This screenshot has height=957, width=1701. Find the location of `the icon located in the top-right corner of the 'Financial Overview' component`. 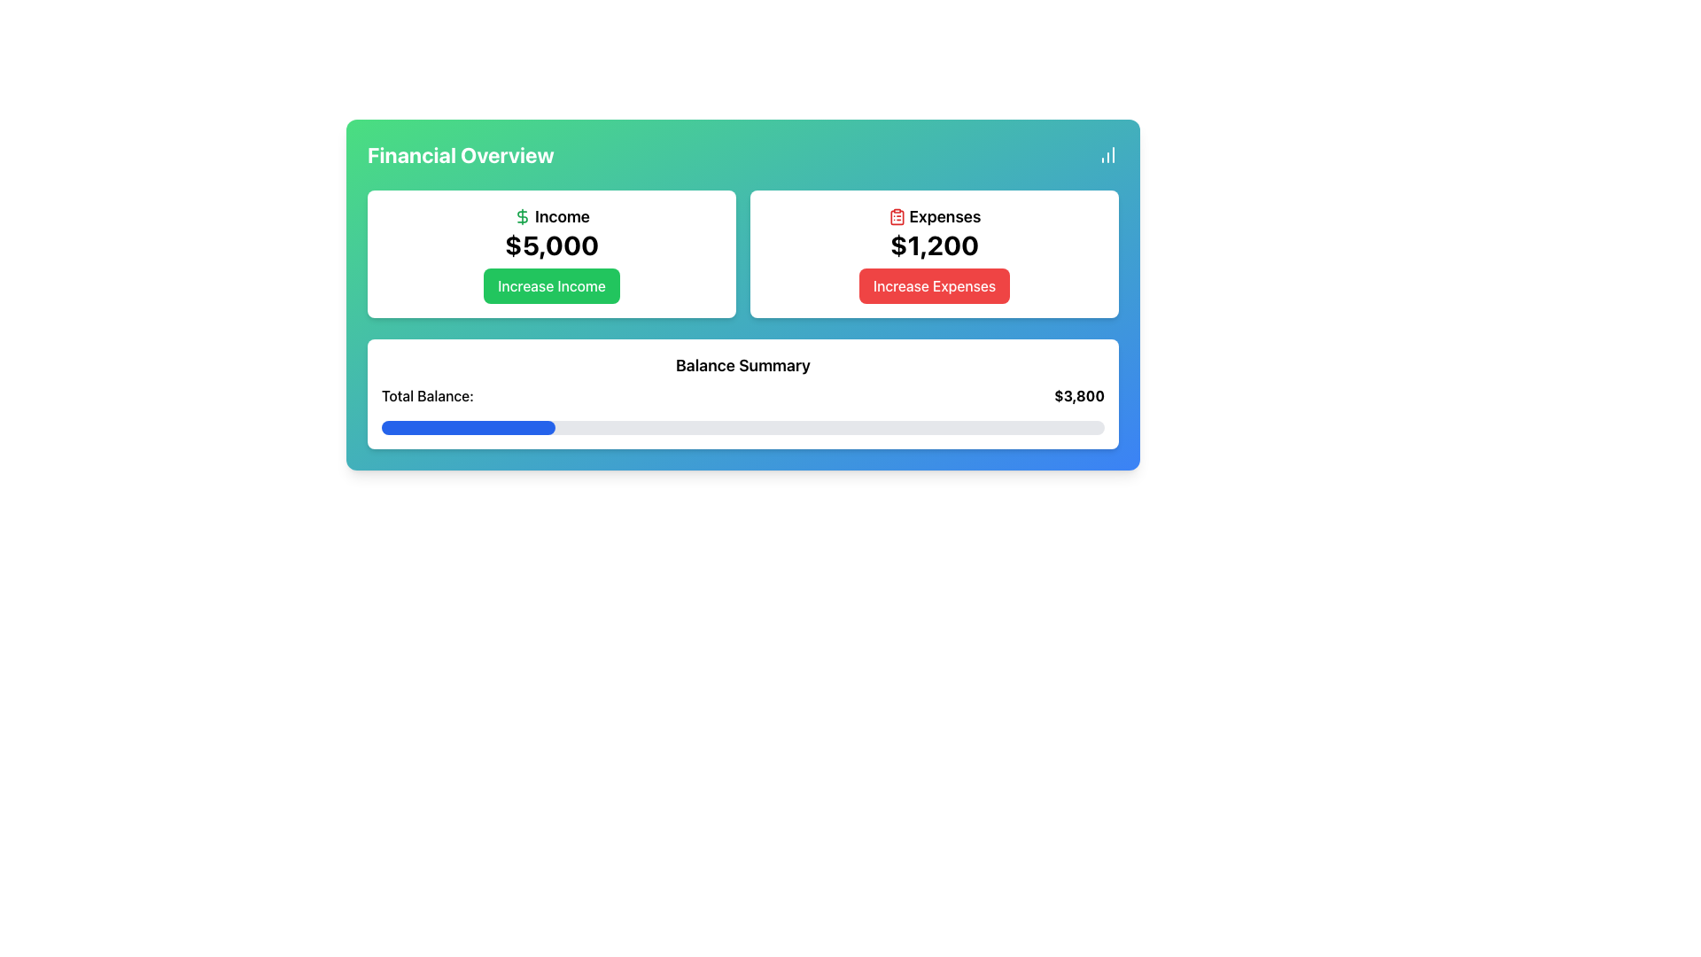

the icon located in the top-right corner of the 'Financial Overview' component is located at coordinates (1107, 153).